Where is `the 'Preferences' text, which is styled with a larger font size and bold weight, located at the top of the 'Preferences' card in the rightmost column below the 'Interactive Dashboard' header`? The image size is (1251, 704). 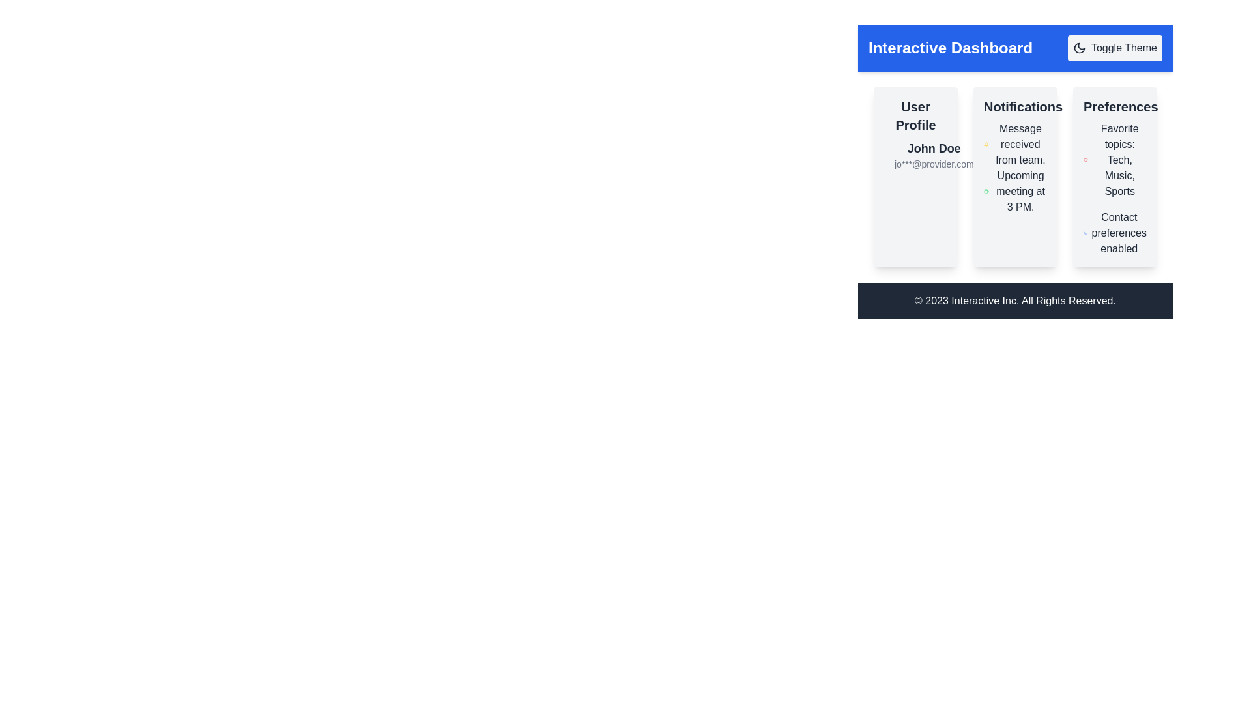 the 'Preferences' text, which is styled with a larger font size and bold weight, located at the top of the 'Preferences' card in the rightmost column below the 'Interactive Dashboard' header is located at coordinates (1114, 106).